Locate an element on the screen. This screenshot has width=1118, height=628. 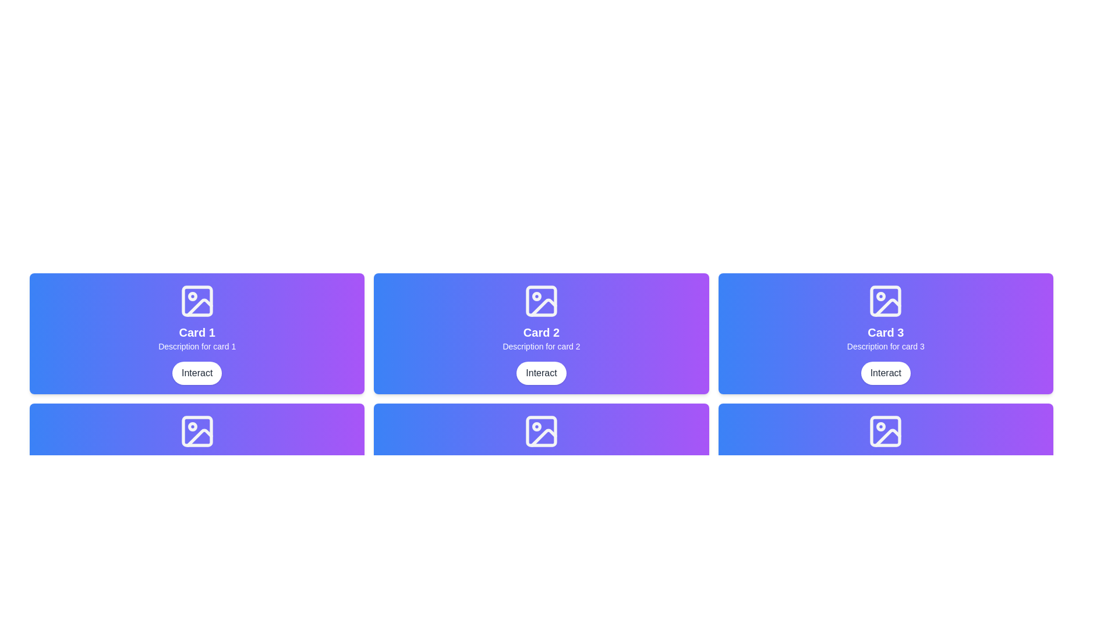
the minimalist icon with a circle and diagonal line located at the top of 'Card 2', which has a gradient blue-to-purple background is located at coordinates (541, 300).